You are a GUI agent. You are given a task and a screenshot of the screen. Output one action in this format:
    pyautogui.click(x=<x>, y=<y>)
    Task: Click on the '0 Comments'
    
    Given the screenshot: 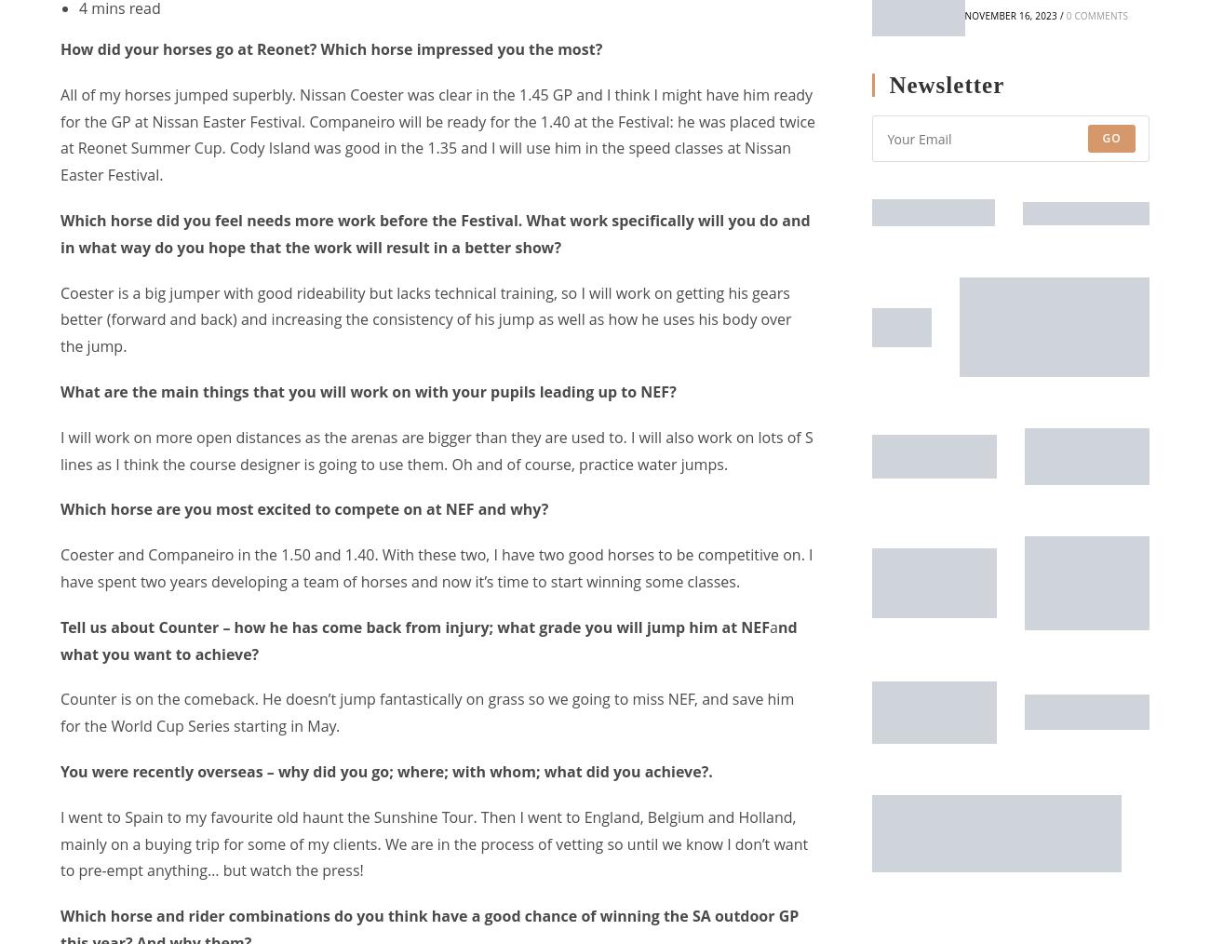 What is the action you would take?
    pyautogui.click(x=1096, y=14)
    